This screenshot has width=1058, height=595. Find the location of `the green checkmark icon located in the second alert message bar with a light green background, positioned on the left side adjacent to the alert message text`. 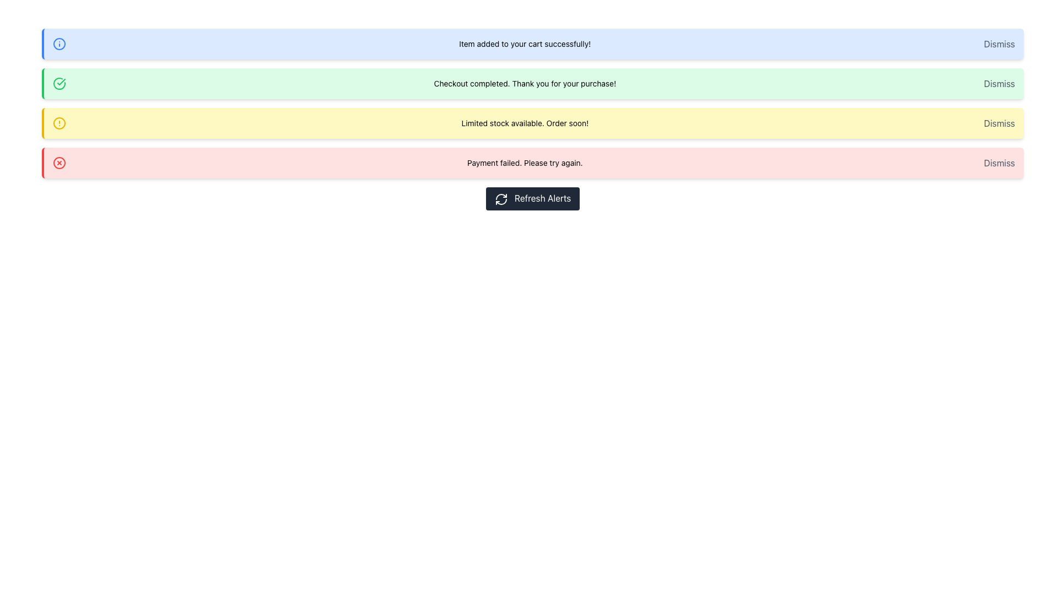

the green checkmark icon located in the second alert message bar with a light green background, positioned on the left side adjacent to the alert message text is located at coordinates (61, 82).